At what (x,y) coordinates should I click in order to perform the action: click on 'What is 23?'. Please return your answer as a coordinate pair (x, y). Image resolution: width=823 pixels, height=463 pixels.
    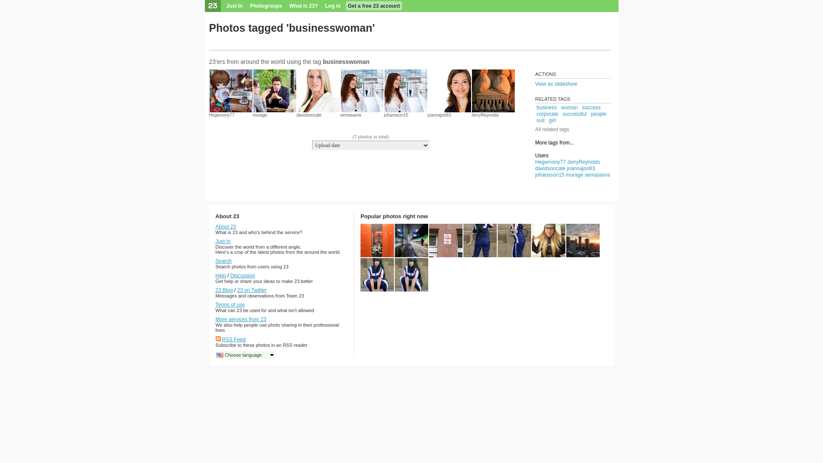
    Looking at the image, I should click on (303, 6).